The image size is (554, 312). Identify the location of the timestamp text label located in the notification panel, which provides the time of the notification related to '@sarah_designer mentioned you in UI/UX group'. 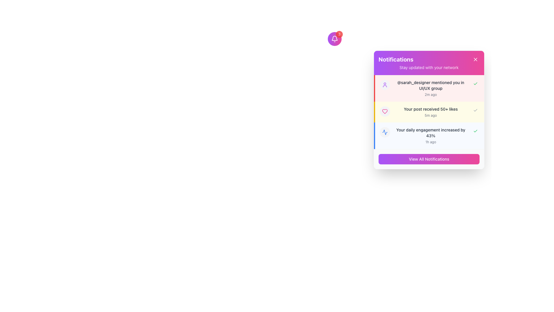
(431, 94).